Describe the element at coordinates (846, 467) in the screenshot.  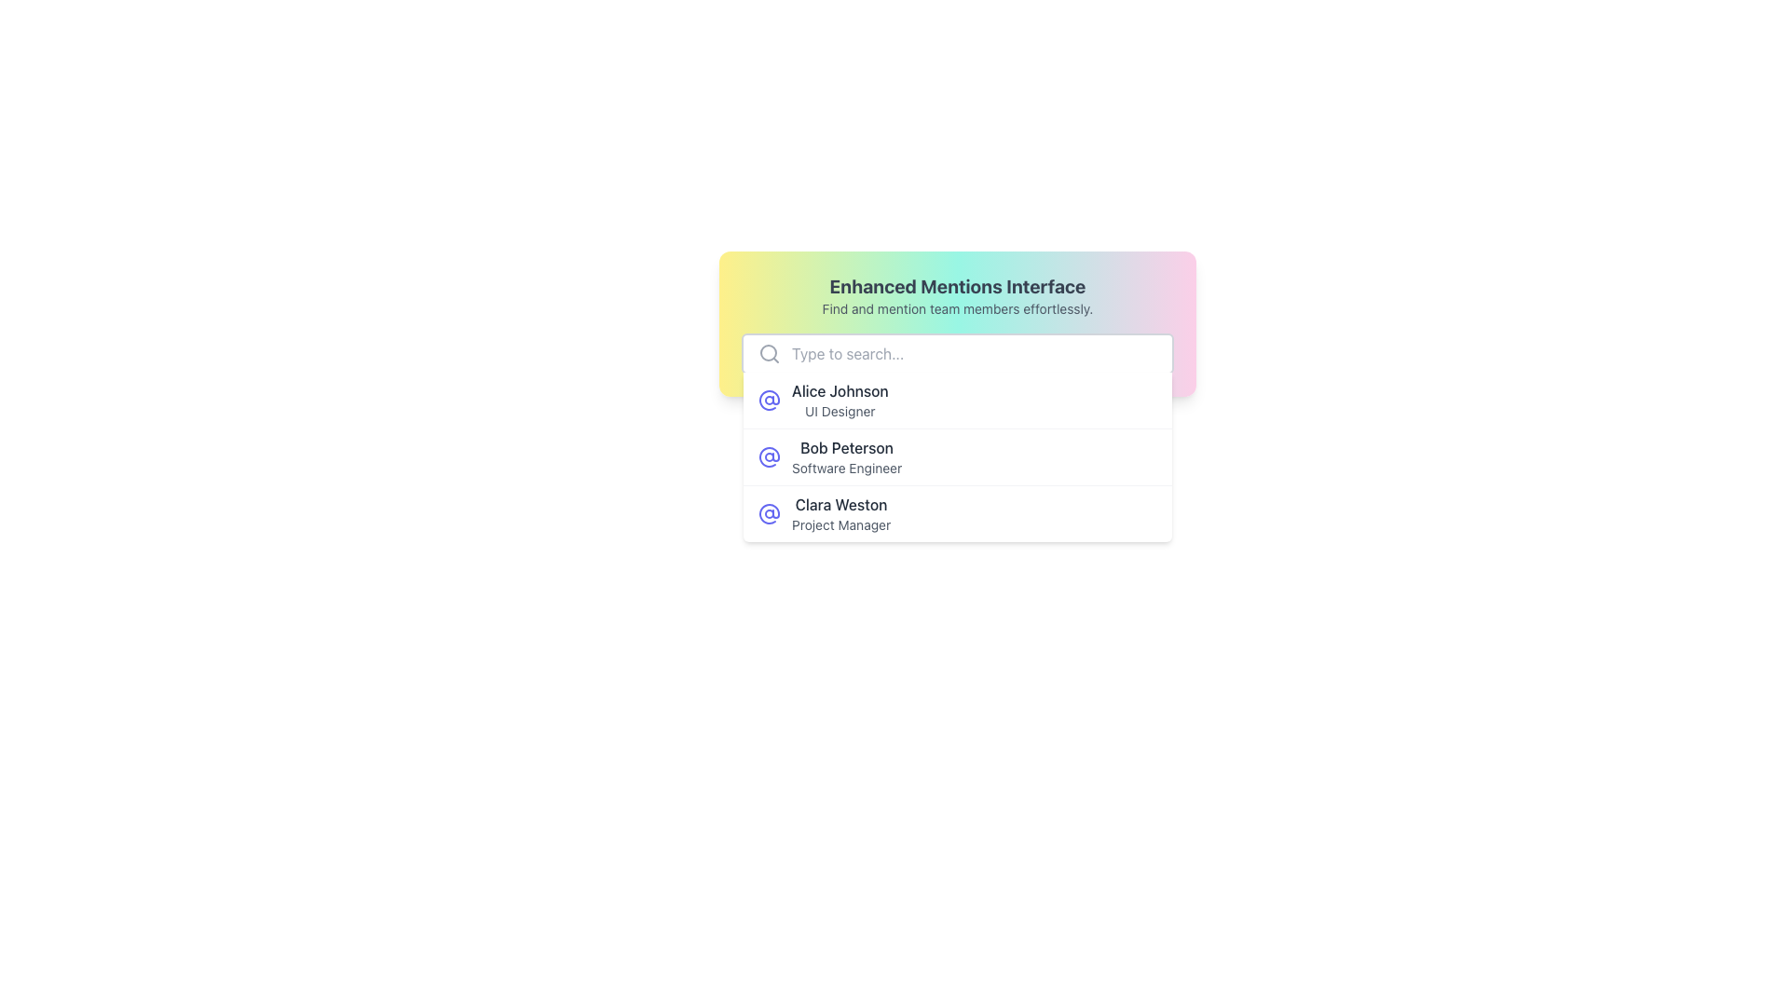
I see `text content of the subtitle 'Software Engineer' located directly below the name 'Bob Peterson' in the suggestion list` at that location.